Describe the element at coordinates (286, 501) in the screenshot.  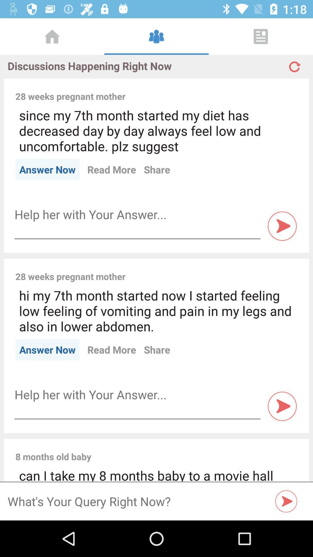
I see `next` at that location.